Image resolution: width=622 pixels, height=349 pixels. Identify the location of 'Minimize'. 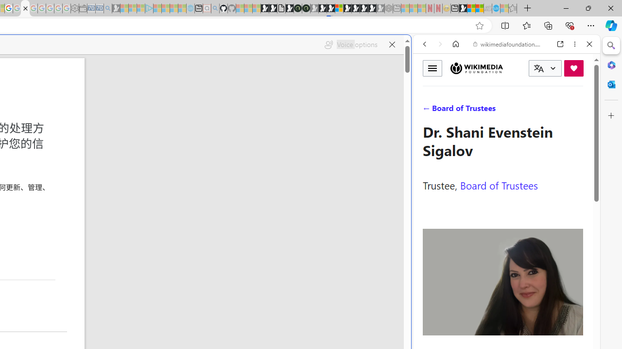
(566, 8).